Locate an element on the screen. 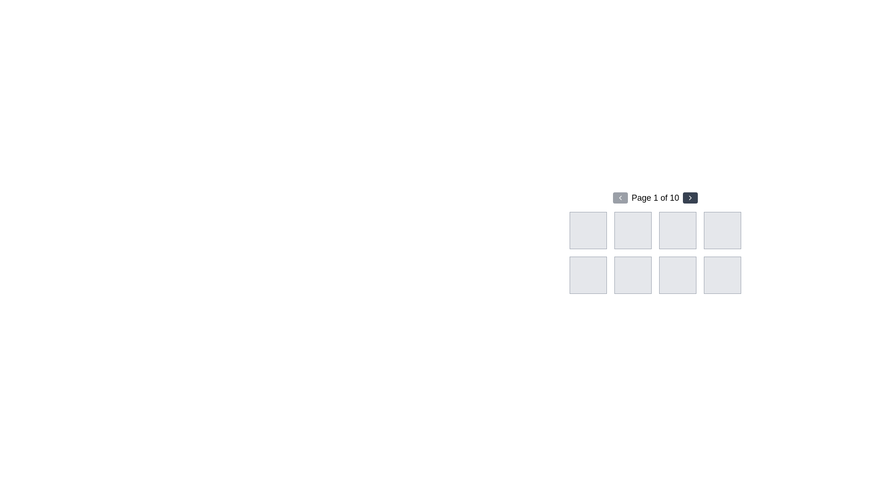 This screenshot has width=895, height=503. the forward navigation button located to the right of the text 'Page 1 of 10' is located at coordinates (690, 197).